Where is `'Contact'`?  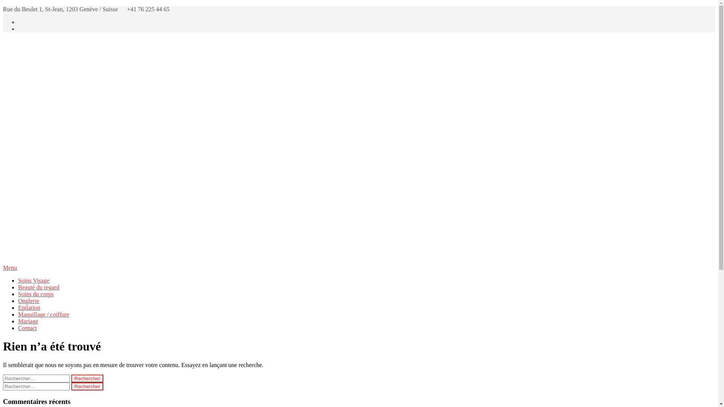
'Contact' is located at coordinates (18, 327).